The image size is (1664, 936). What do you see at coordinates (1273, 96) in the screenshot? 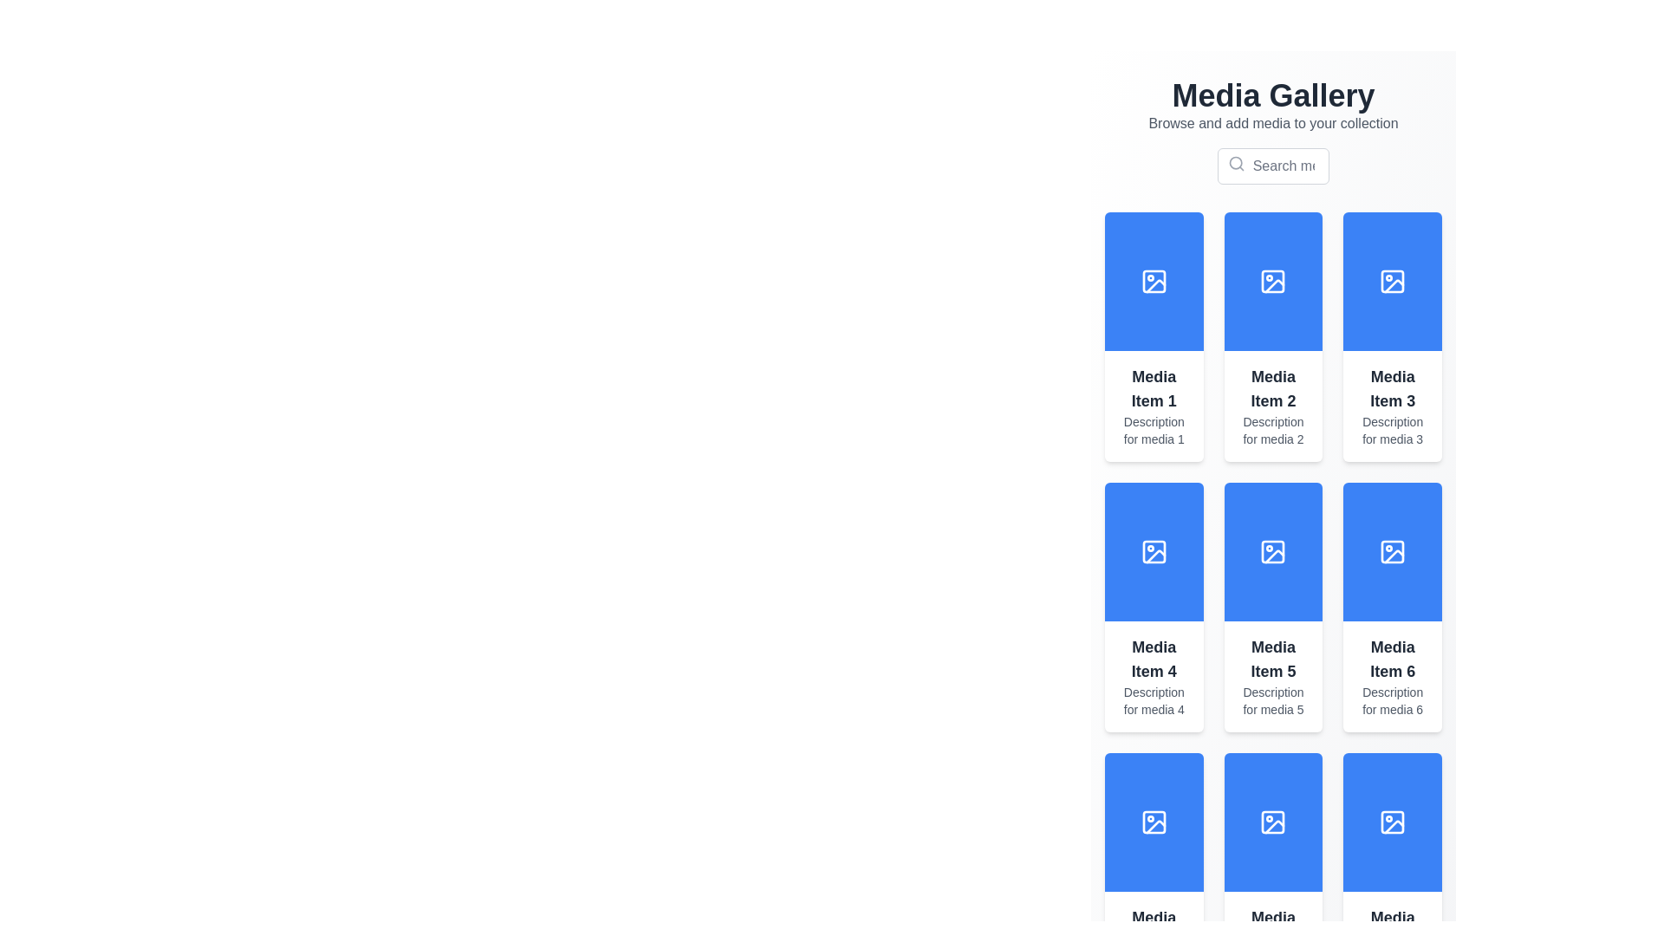
I see `title label of the section, which is positioned above the text 'Browse and add media to your collection'` at bounding box center [1273, 96].